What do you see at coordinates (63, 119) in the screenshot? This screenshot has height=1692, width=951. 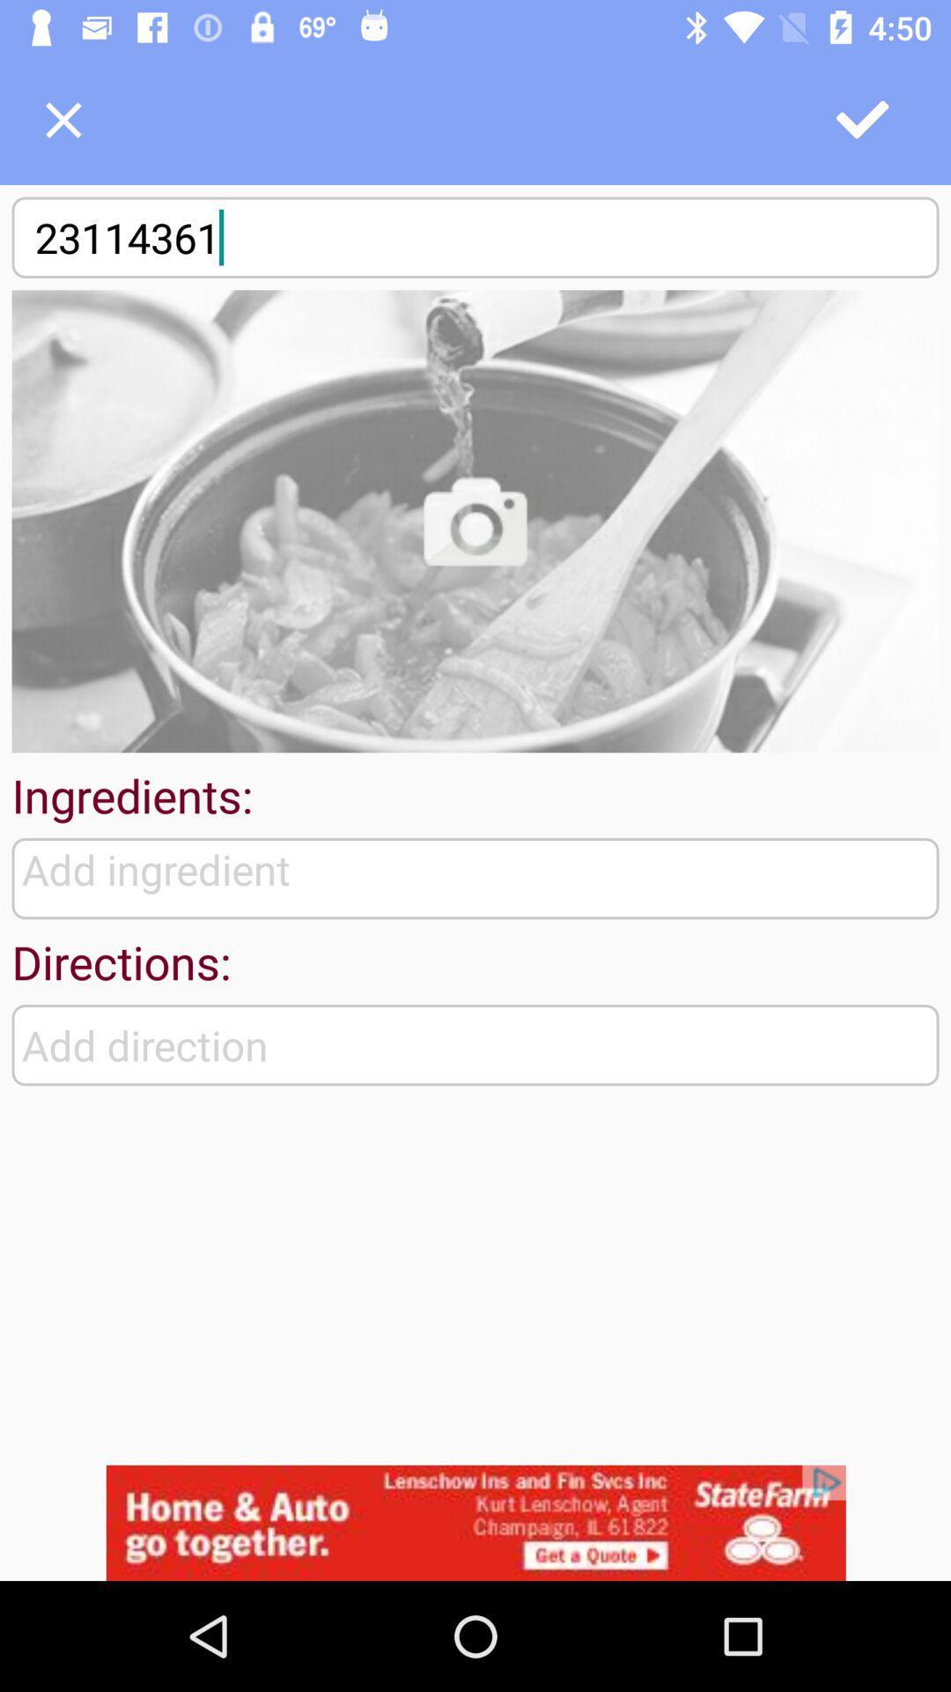 I see `recipe` at bounding box center [63, 119].